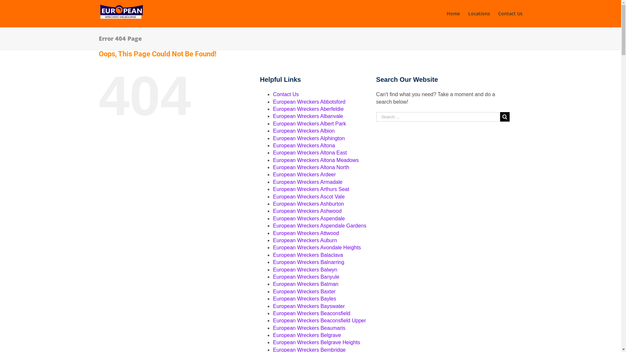 The height and width of the screenshot is (352, 626). What do you see at coordinates (308, 196) in the screenshot?
I see `'European Wreckers Ascot Vale'` at bounding box center [308, 196].